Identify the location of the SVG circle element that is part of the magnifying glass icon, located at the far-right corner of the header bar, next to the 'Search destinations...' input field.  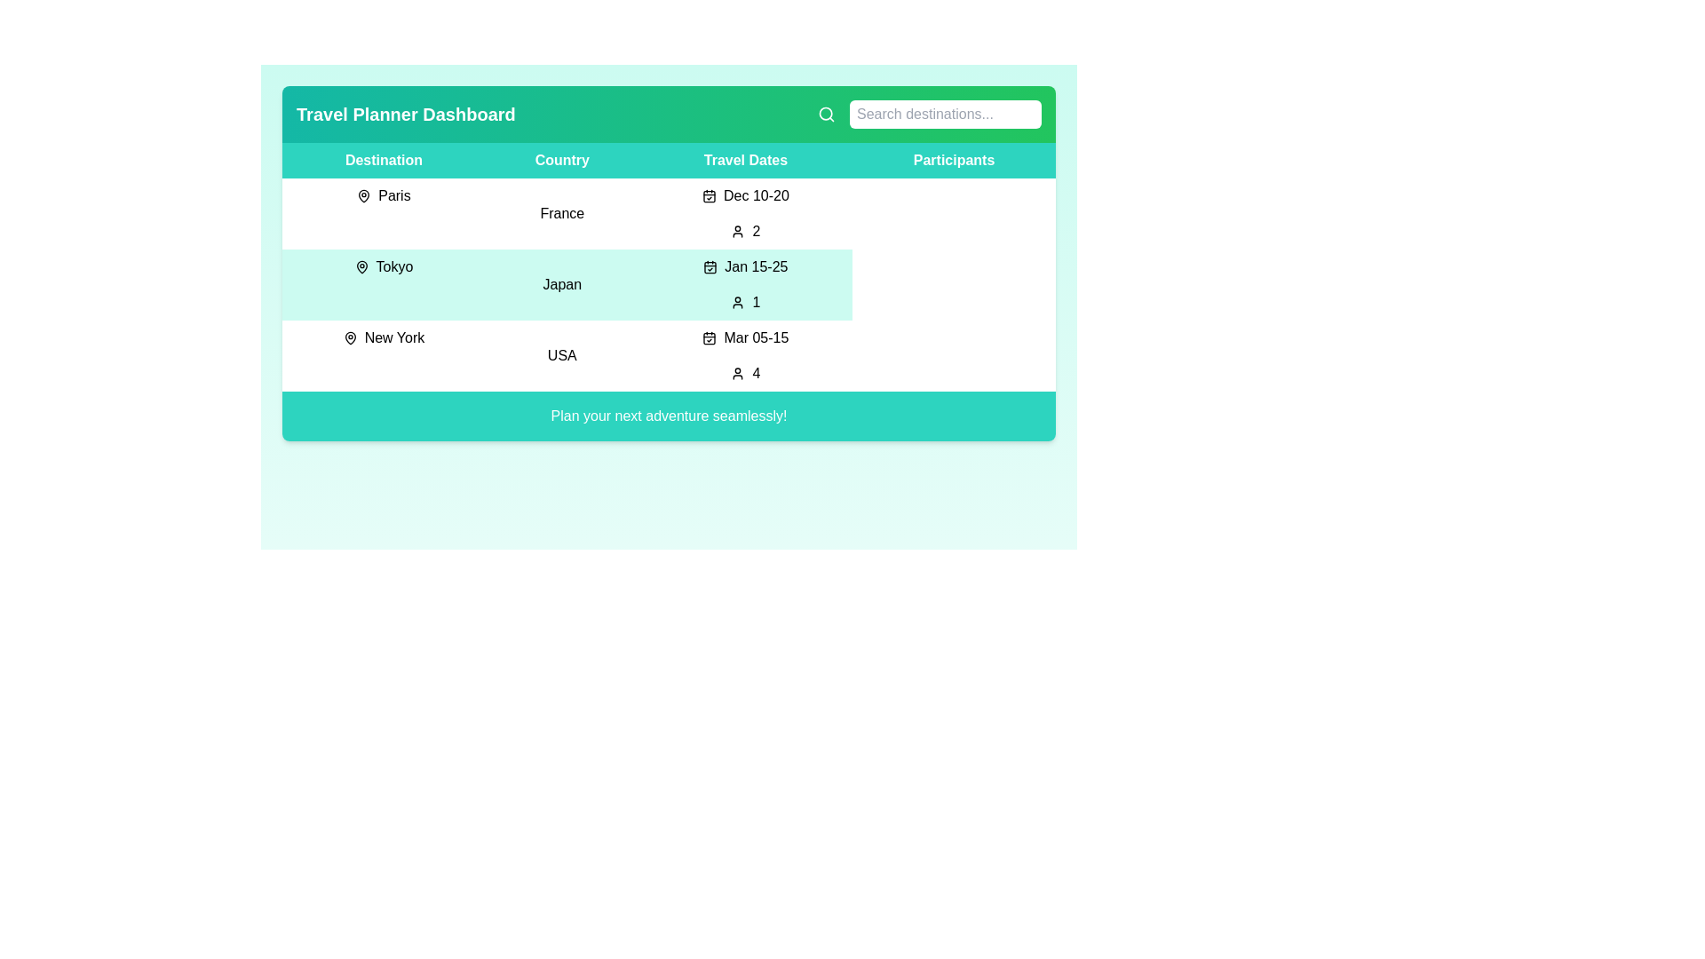
(825, 114).